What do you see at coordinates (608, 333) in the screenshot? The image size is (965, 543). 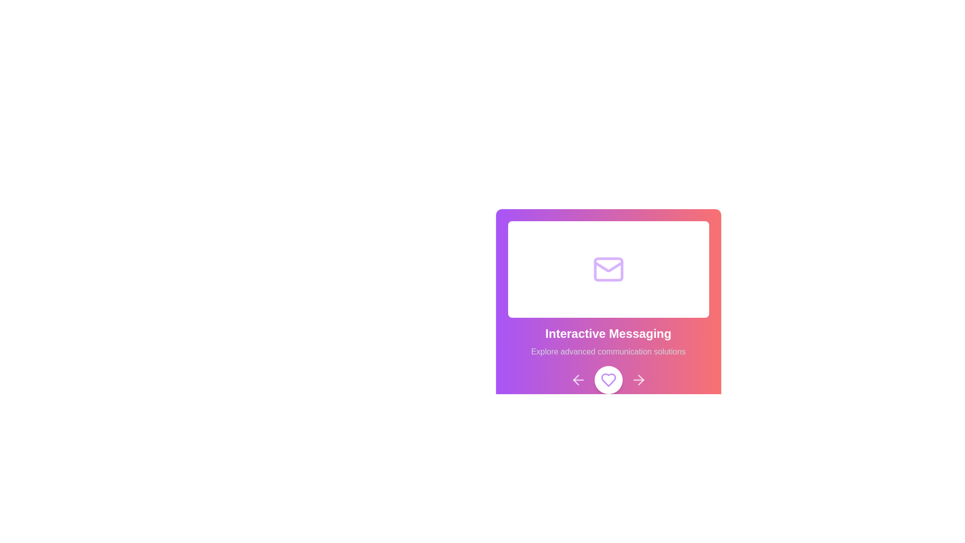 I see `the Static Text element that serves as a title or header, prominently indicating the main topic above the smaller text 'Explore advanced communication solutions.'` at bounding box center [608, 333].